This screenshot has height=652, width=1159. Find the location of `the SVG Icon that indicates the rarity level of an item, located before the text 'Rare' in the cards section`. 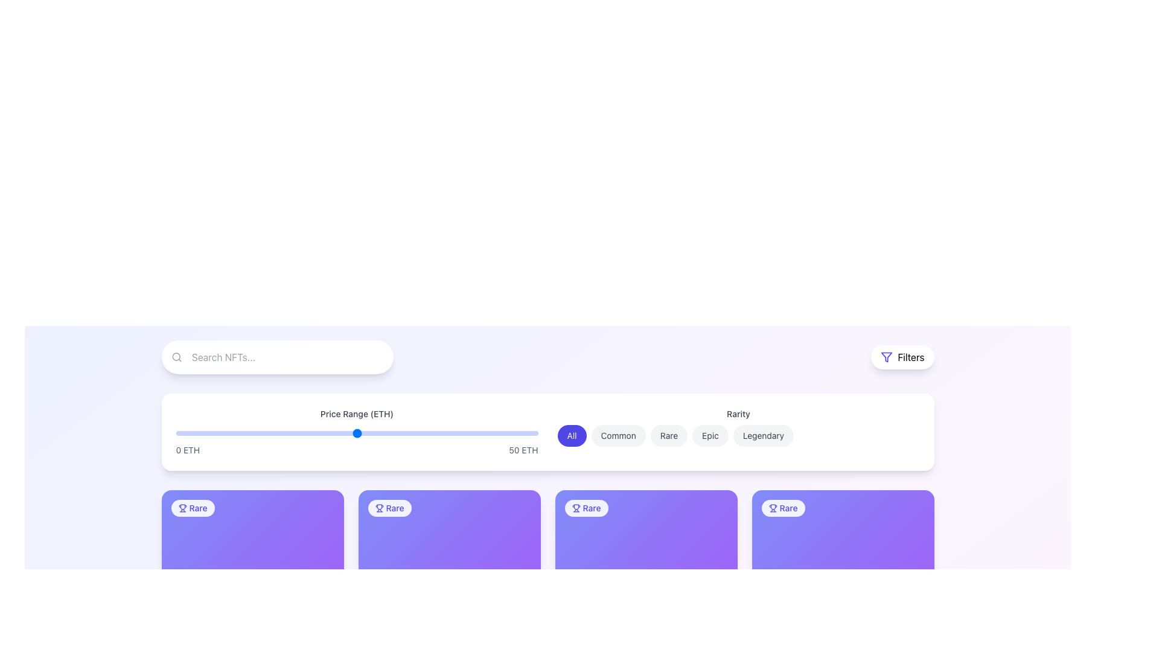

the SVG Icon that indicates the rarity level of an item, located before the text 'Rare' in the cards section is located at coordinates (575, 508).